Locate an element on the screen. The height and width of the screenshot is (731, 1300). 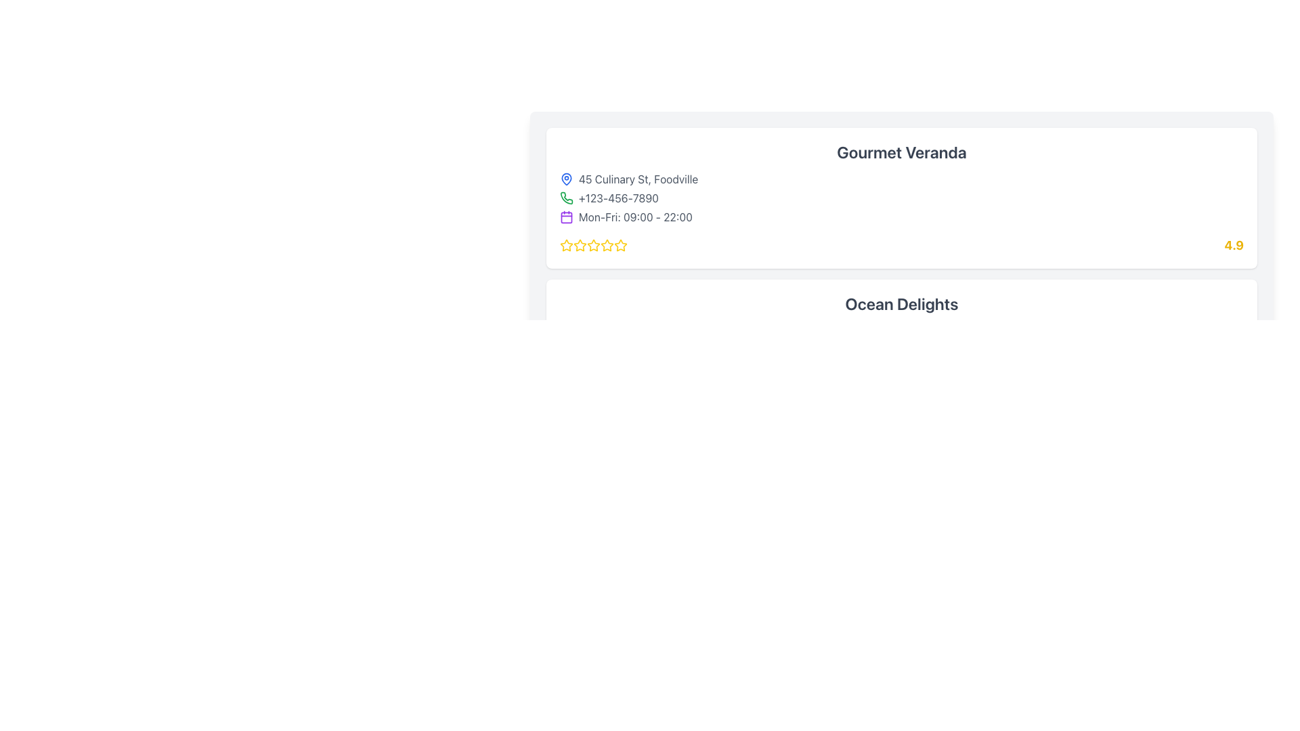
the address icon located at the left-most part of the row, which is positioned before the text '45 Culinary St, Foodville' is located at coordinates (566, 177).